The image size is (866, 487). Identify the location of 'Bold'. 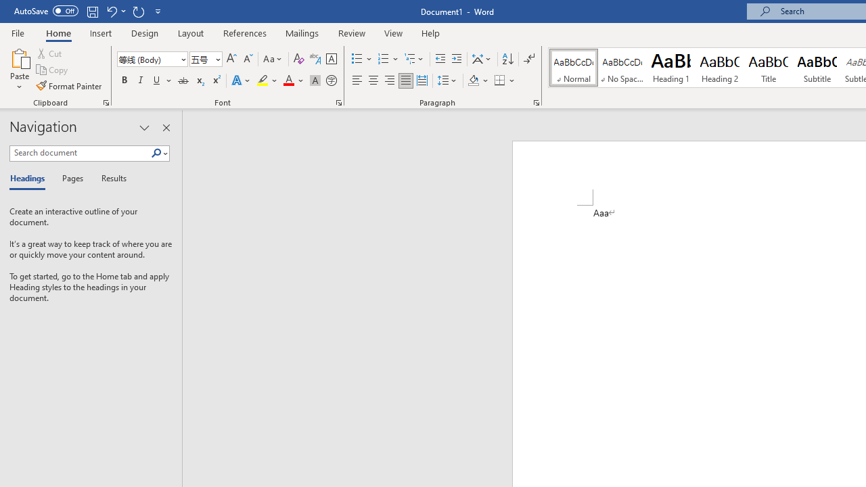
(124, 80).